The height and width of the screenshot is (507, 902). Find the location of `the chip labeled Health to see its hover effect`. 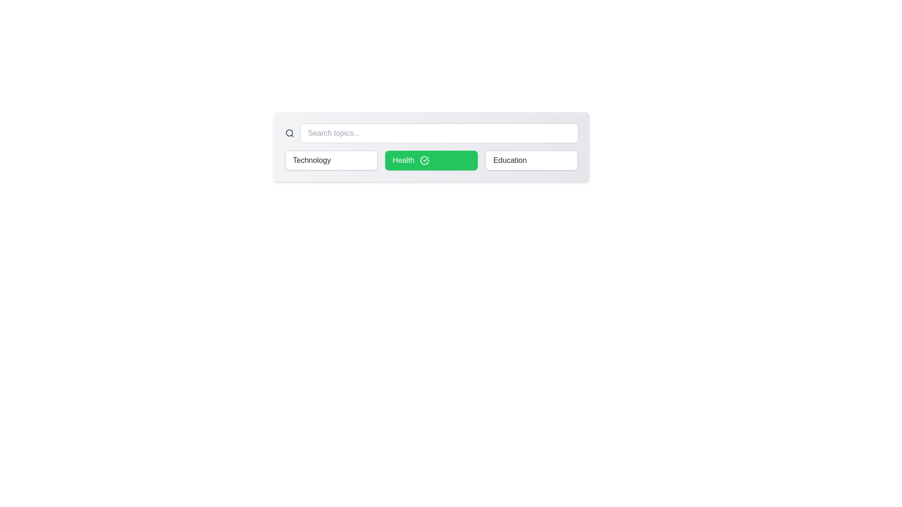

the chip labeled Health to see its hover effect is located at coordinates (430, 160).